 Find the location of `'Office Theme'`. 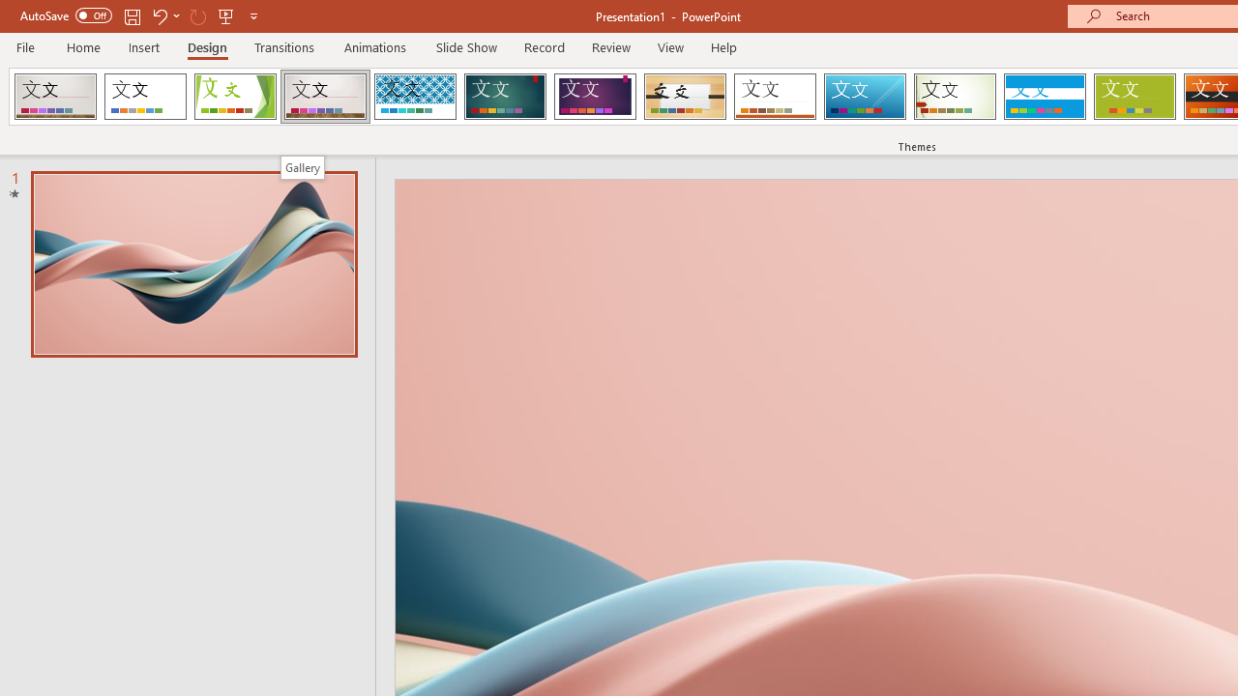

'Office Theme' is located at coordinates (144, 97).